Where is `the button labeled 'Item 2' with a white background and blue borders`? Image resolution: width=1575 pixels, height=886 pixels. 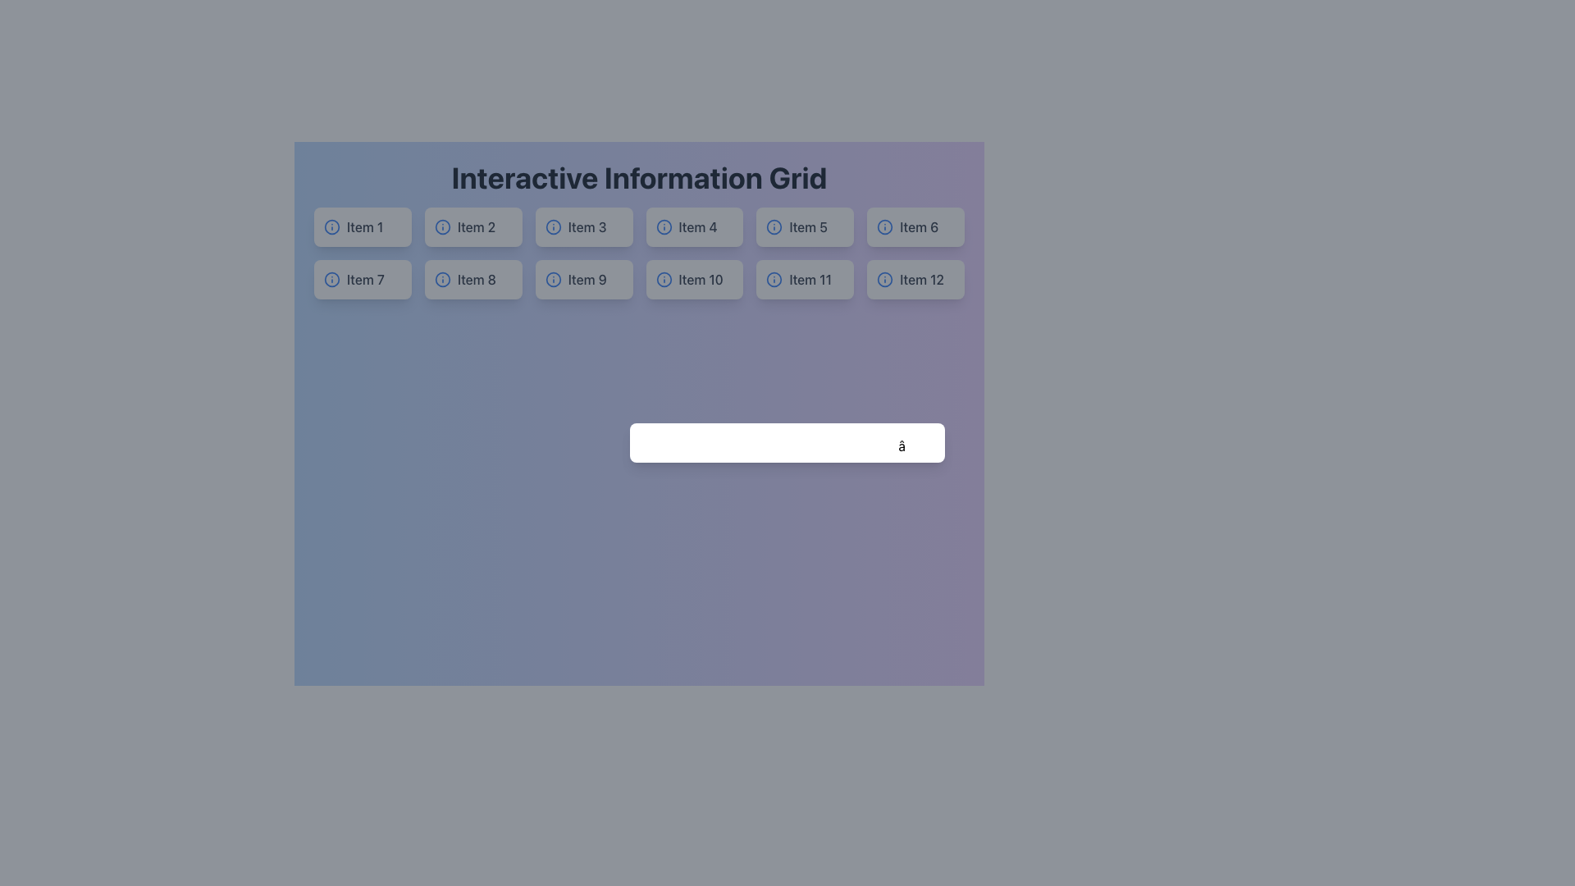
the button labeled 'Item 2' with a white background and blue borders is located at coordinates (472, 227).